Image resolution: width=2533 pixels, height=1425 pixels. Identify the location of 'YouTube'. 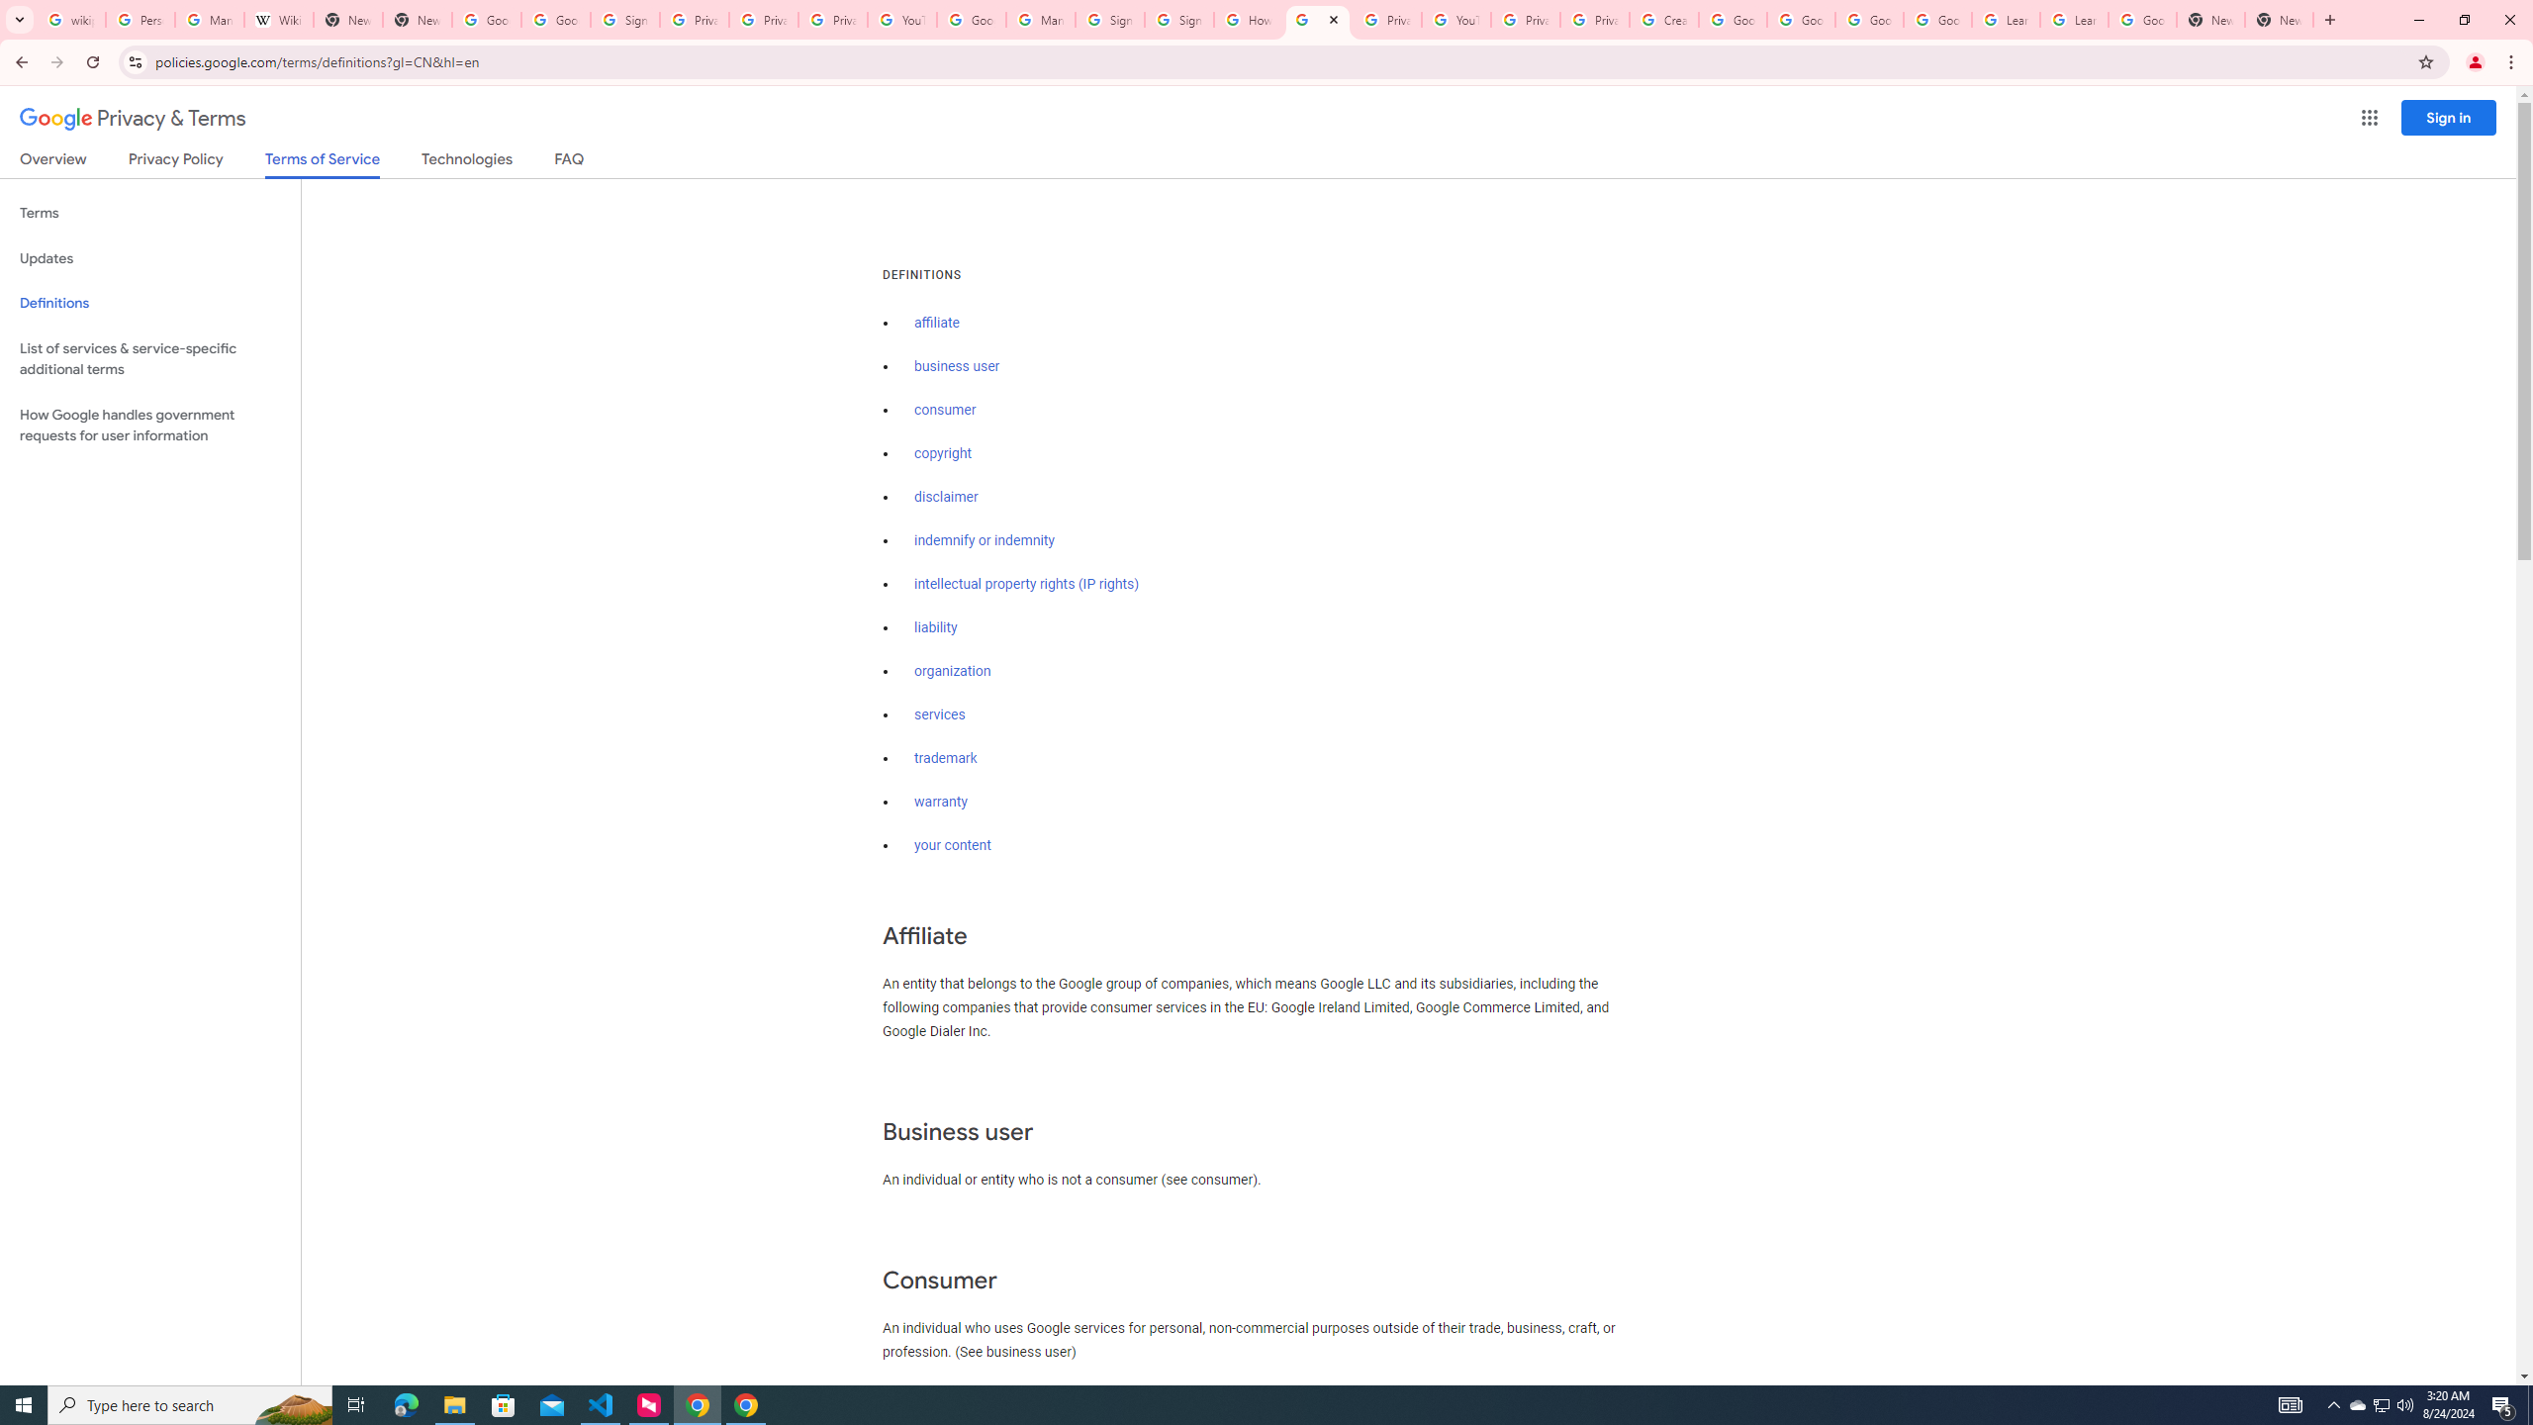
(1455, 19).